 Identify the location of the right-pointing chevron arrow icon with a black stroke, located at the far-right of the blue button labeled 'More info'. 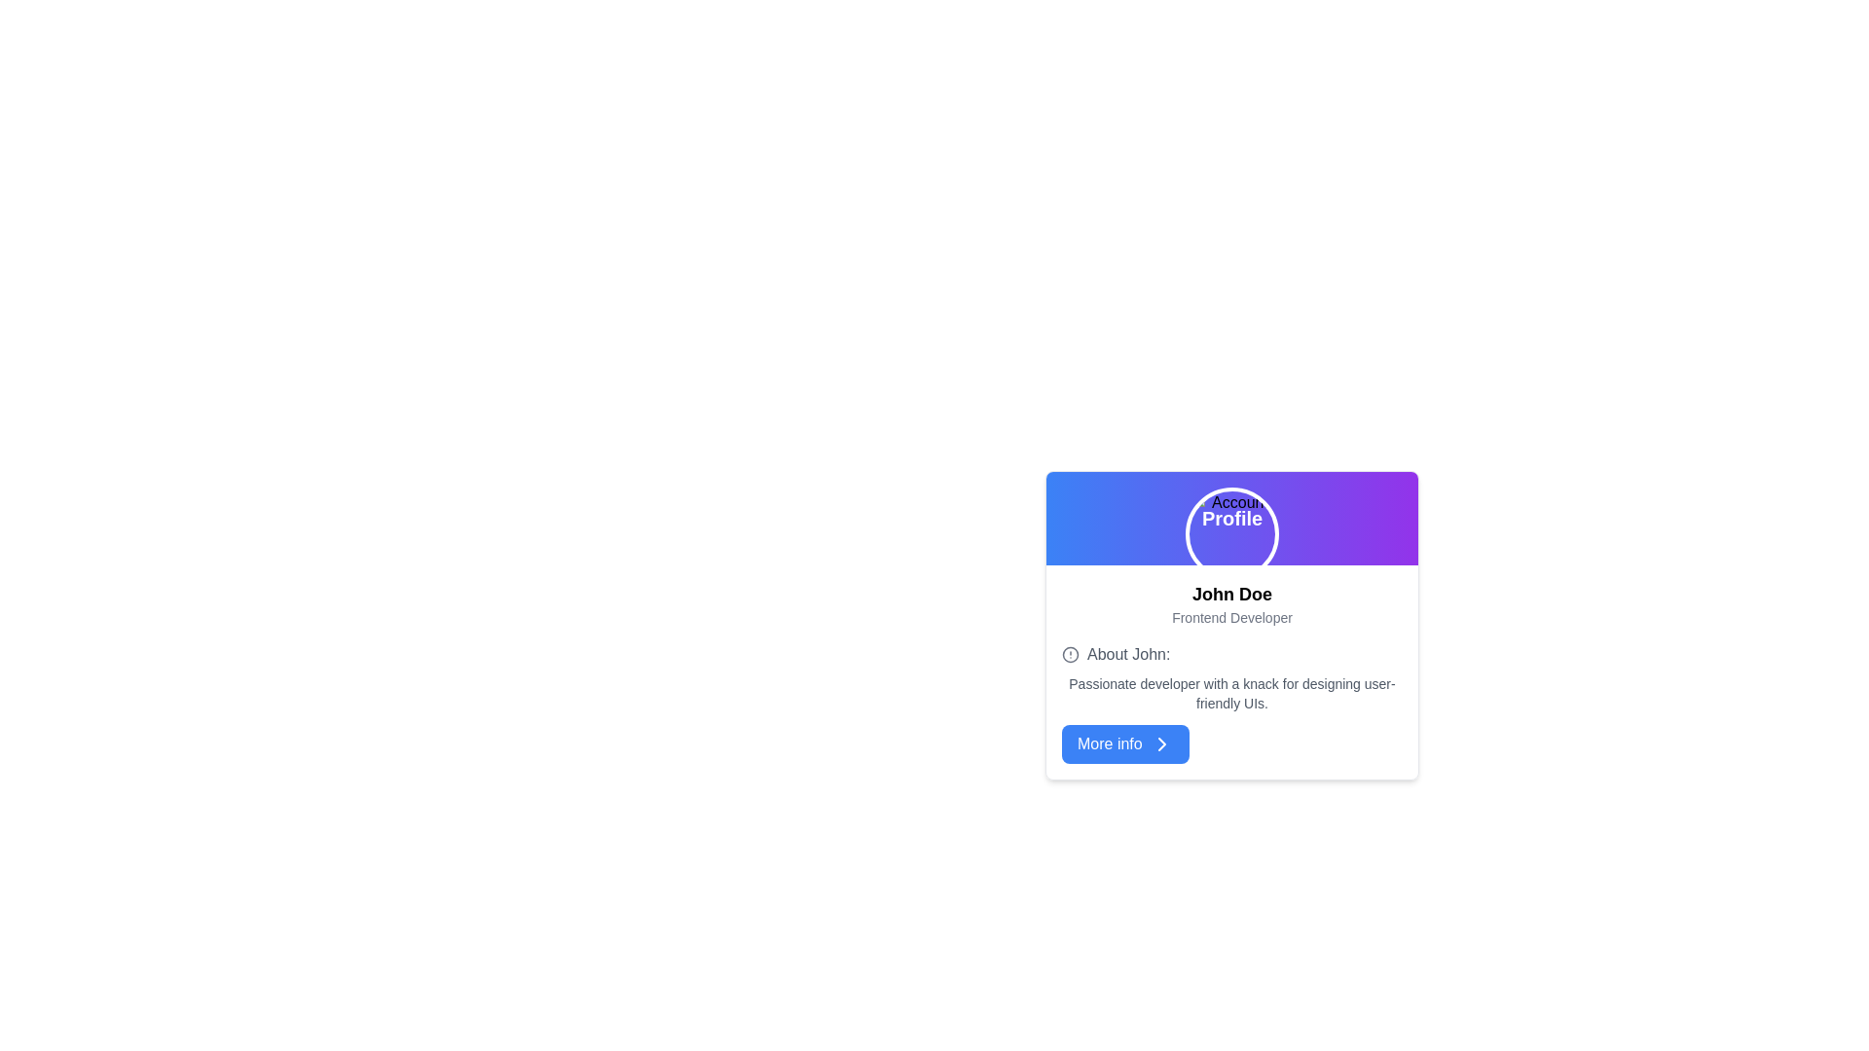
(1161, 743).